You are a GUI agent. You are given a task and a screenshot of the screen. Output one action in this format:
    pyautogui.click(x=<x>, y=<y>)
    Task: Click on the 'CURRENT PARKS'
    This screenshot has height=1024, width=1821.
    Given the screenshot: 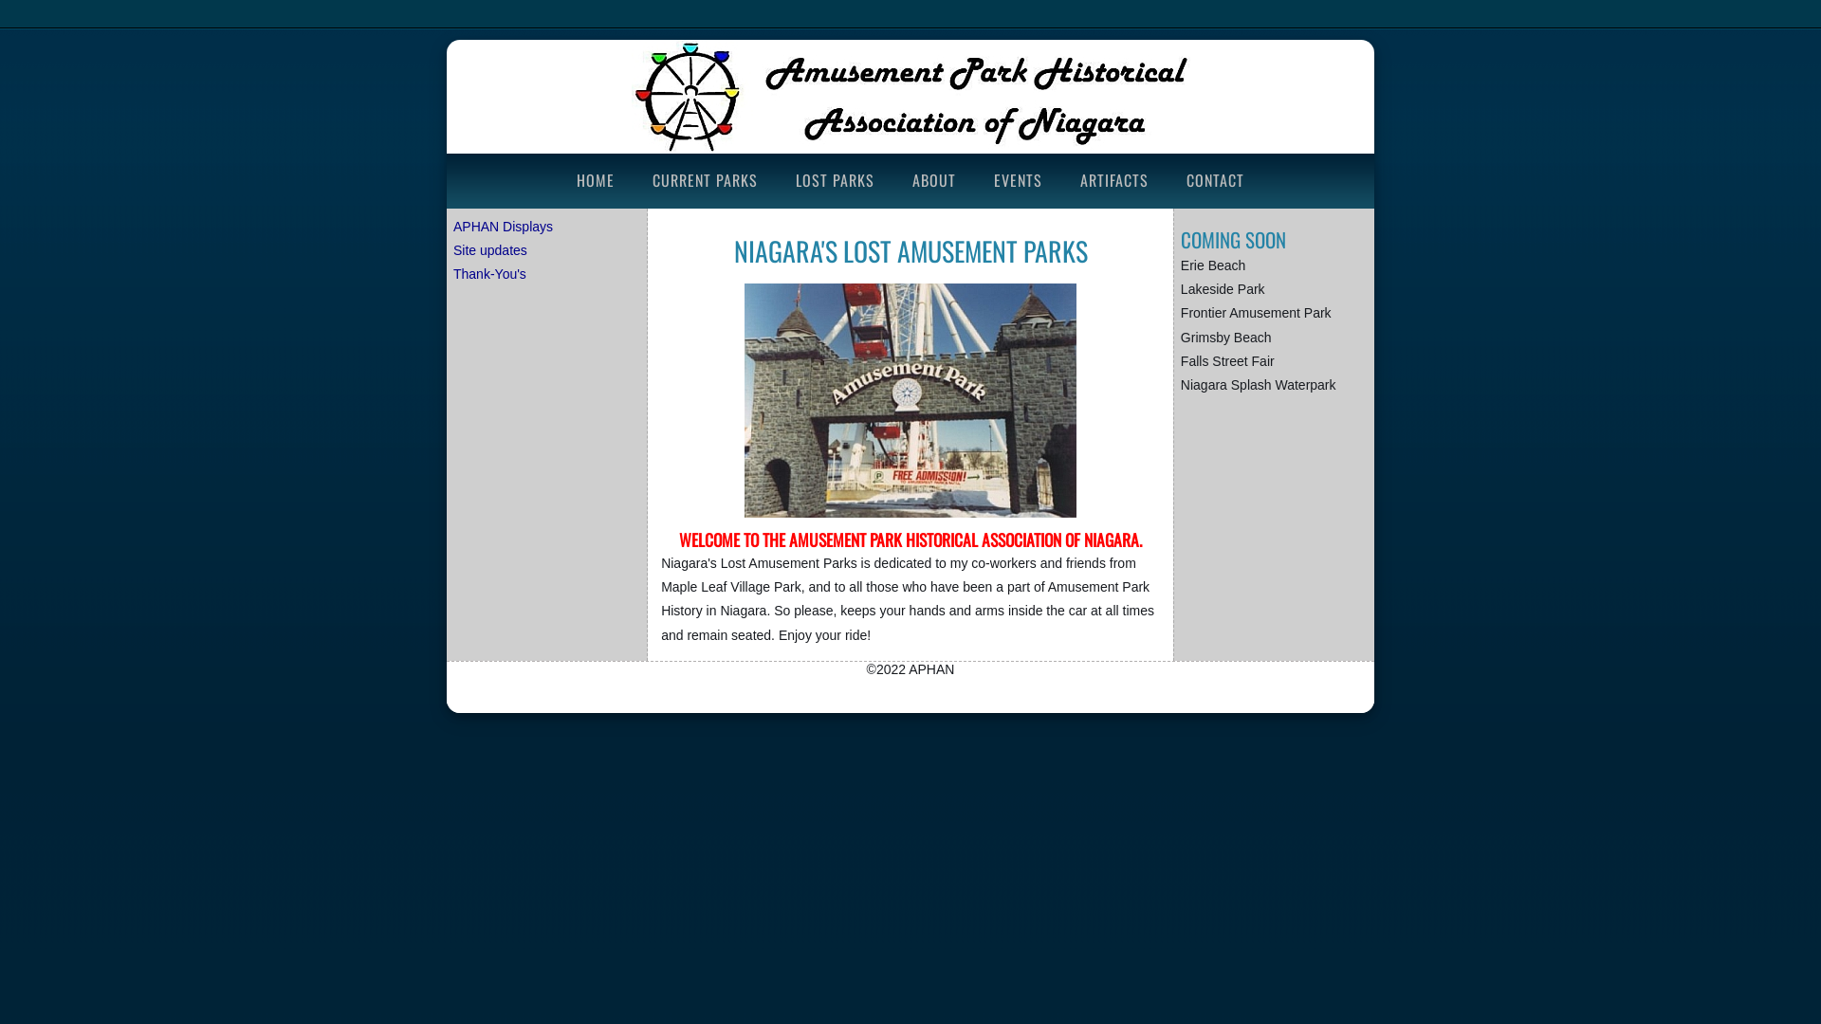 What is the action you would take?
    pyautogui.click(x=704, y=179)
    